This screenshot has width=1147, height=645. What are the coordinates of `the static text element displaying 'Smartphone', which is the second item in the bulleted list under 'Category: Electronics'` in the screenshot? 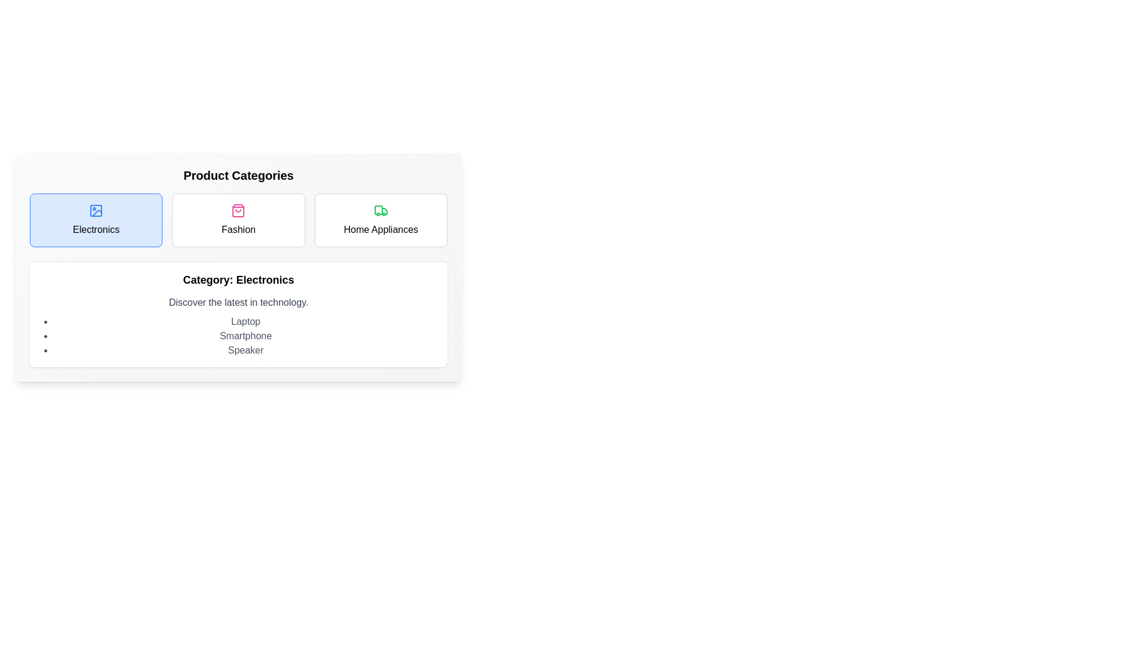 It's located at (245, 336).